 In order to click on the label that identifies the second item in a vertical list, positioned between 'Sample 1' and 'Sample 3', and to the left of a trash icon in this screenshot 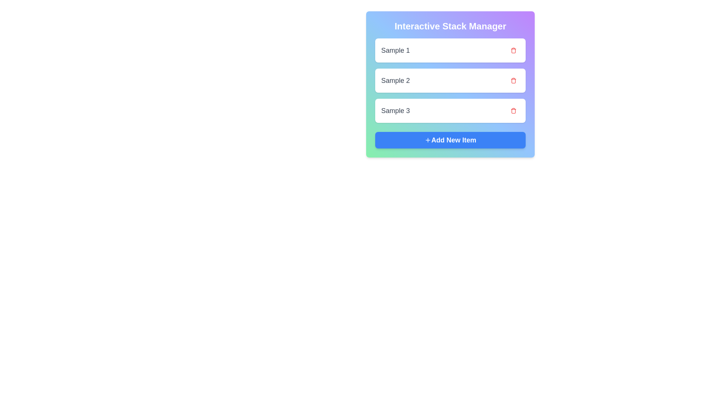, I will do `click(395, 80)`.